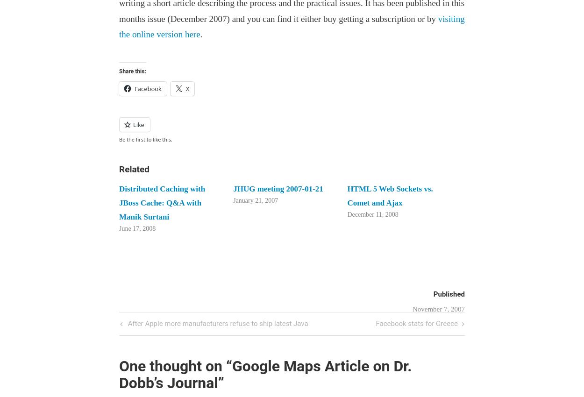 The image size is (584, 397). Describe the element at coordinates (291, 26) in the screenshot. I see `'visiting the online version here'` at that location.